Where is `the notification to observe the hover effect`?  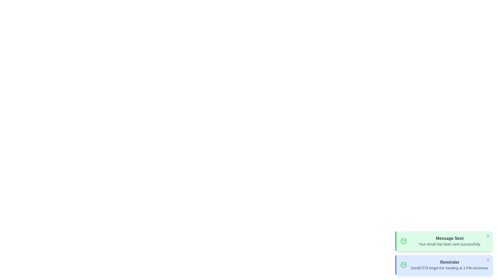 the notification to observe the hover effect is located at coordinates (444, 241).